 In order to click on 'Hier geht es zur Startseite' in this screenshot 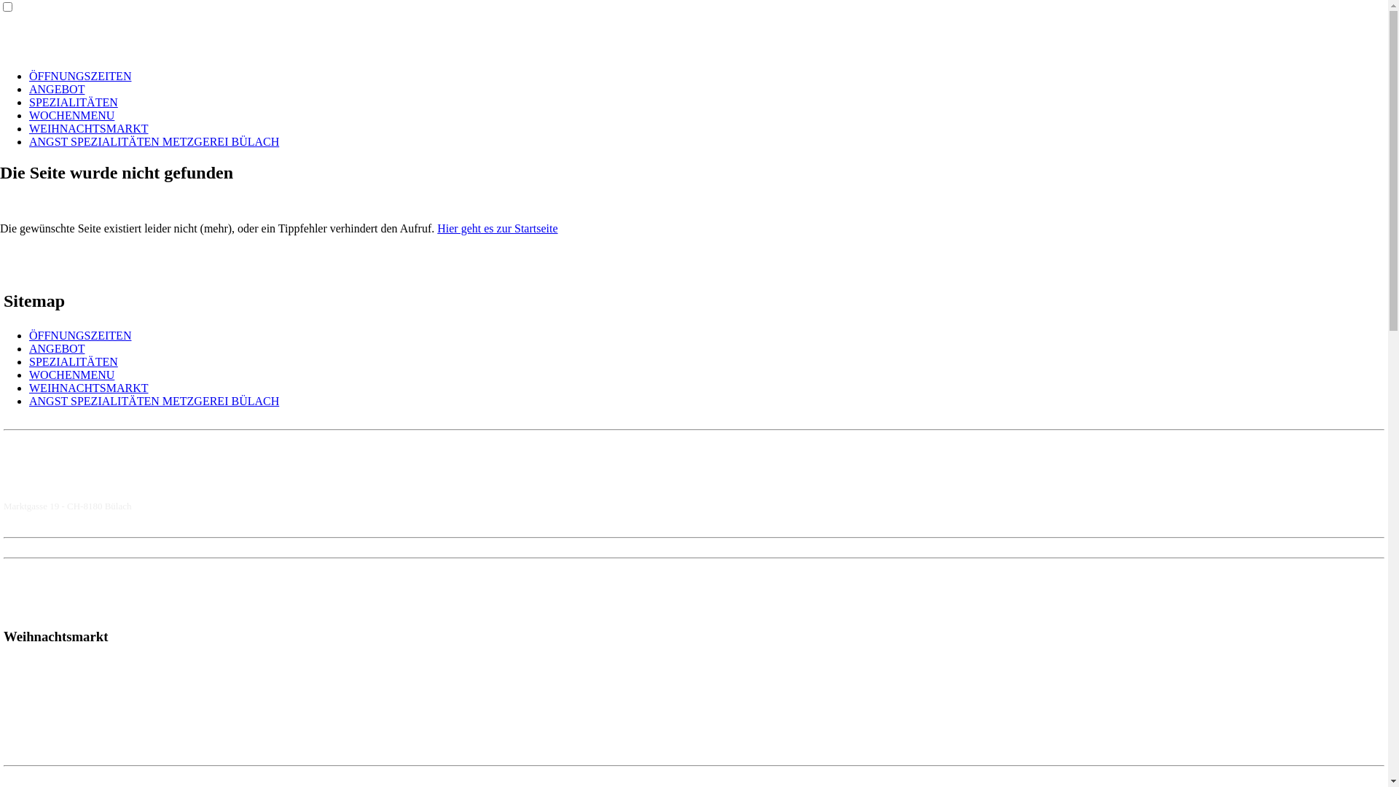, I will do `click(436, 228)`.